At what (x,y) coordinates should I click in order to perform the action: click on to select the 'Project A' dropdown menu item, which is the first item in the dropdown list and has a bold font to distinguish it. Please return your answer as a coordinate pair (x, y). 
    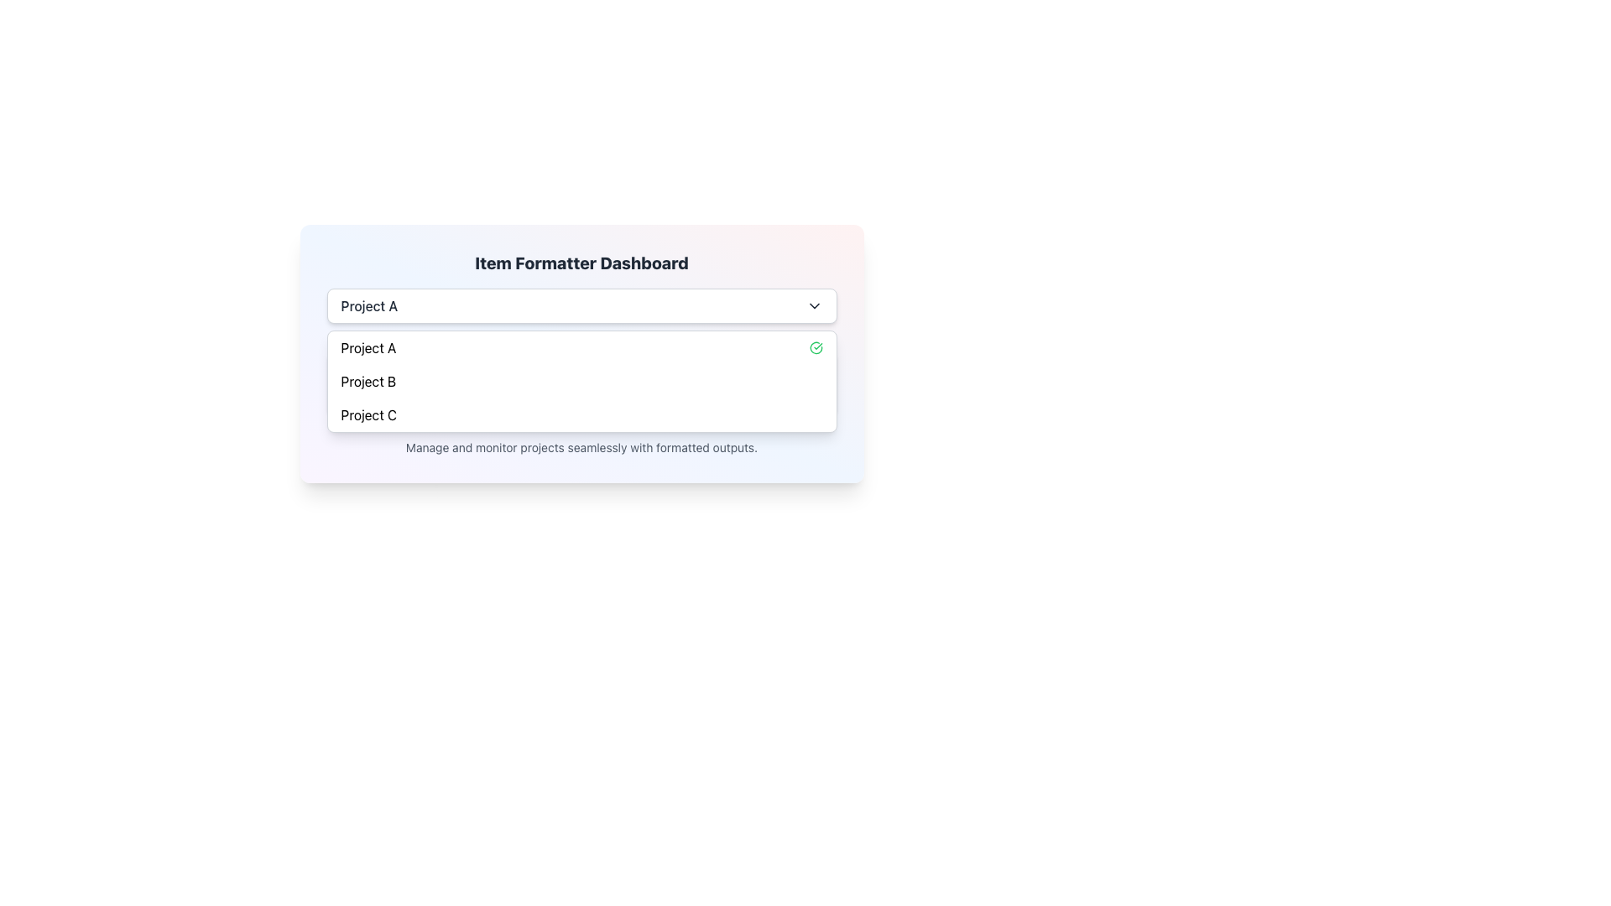
    Looking at the image, I should click on (368, 347).